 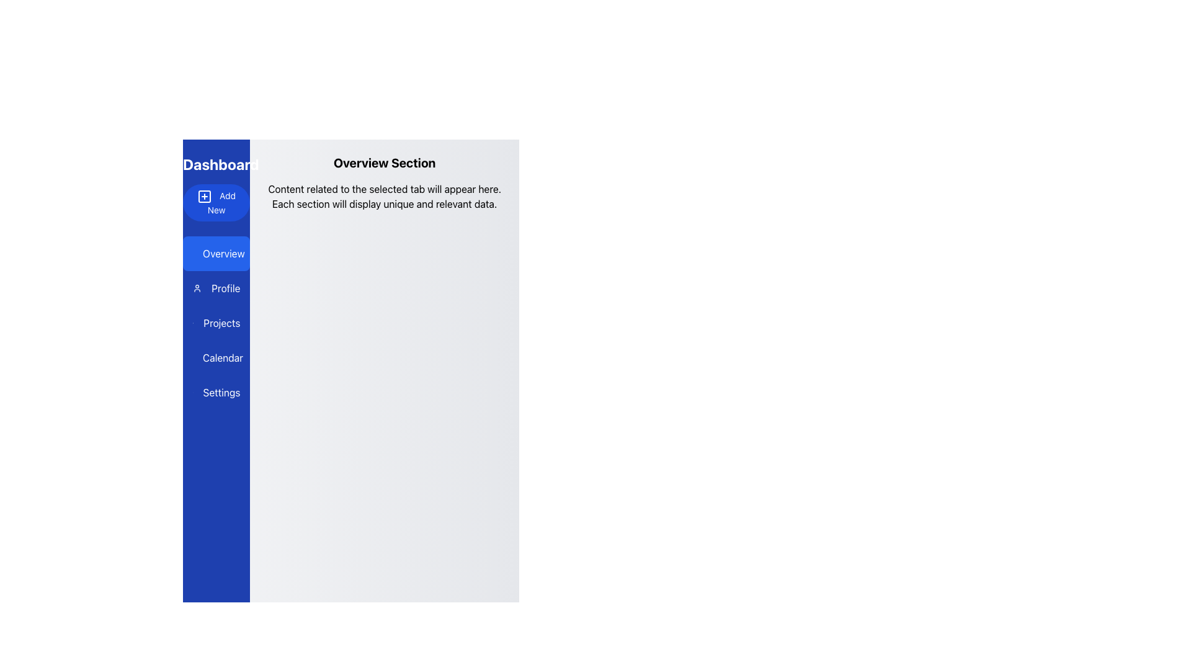 What do you see at coordinates (216, 322) in the screenshot?
I see `the 'Projects' menu item in the vertical navigation menu` at bounding box center [216, 322].